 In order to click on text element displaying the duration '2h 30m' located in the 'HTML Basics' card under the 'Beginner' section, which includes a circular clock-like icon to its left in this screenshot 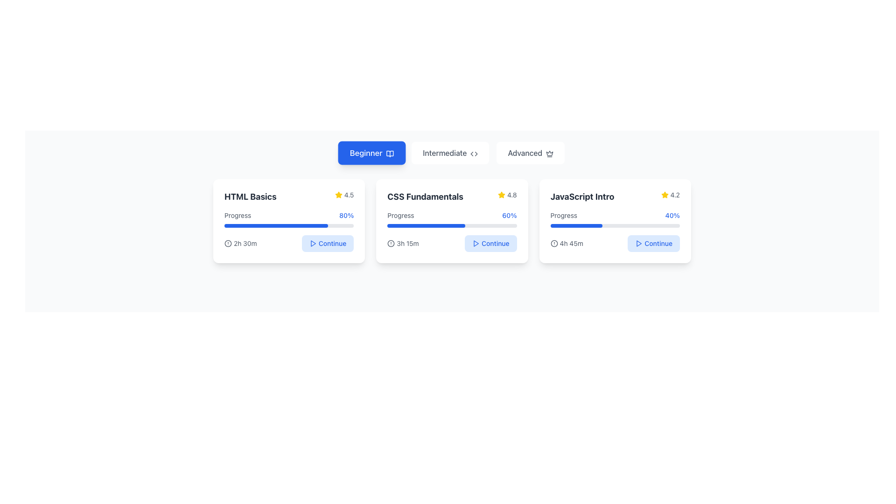, I will do `click(240, 243)`.